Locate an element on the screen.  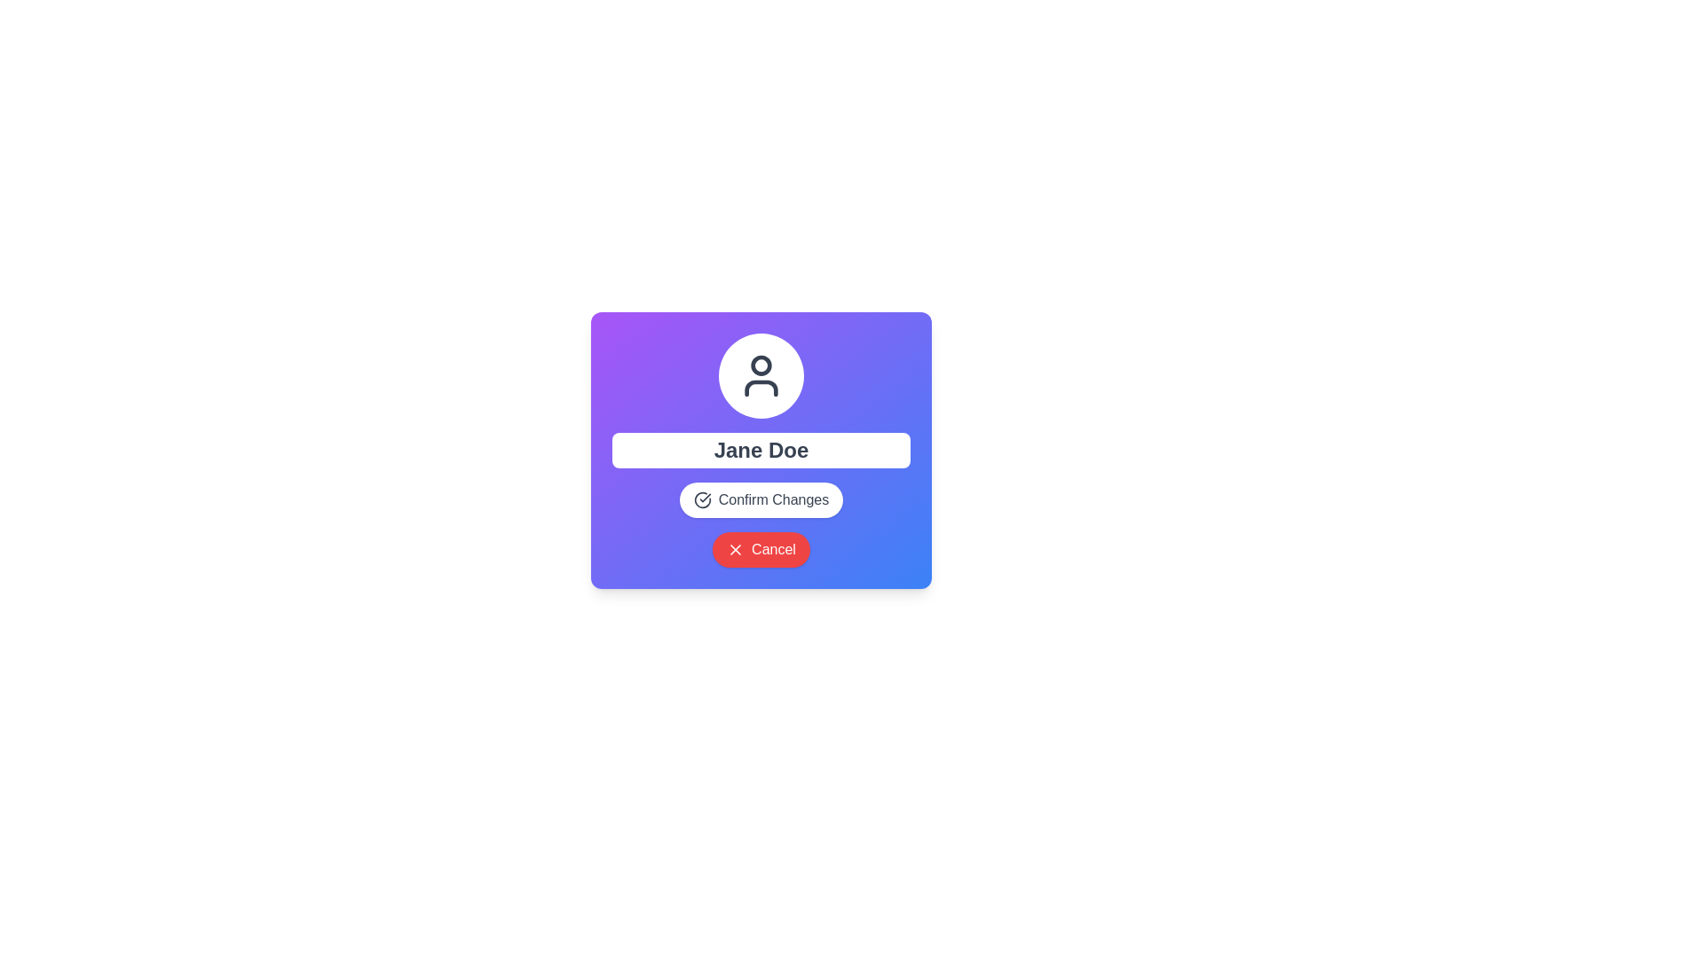
the circular white button-like Profile representation component featuring a gray user icon in the center is located at coordinates (761, 375).